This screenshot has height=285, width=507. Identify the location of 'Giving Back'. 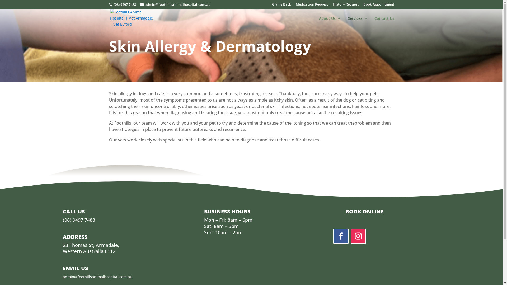
(281, 6).